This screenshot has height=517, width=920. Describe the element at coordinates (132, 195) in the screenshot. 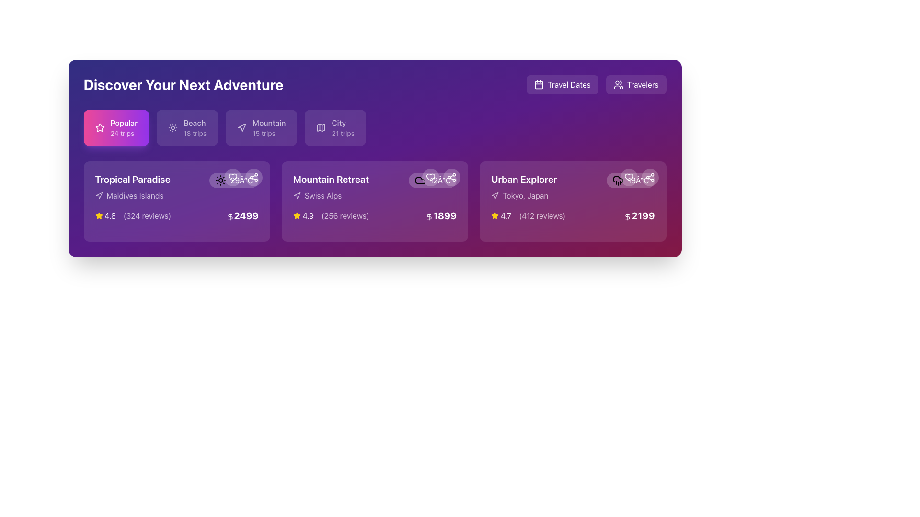

I see `text indicating the destination 'Maldives Islands' associated with the 'Tropical Paradise' card located beneath the title in the first card of the 'Discover Your Next Adventure' section` at that location.